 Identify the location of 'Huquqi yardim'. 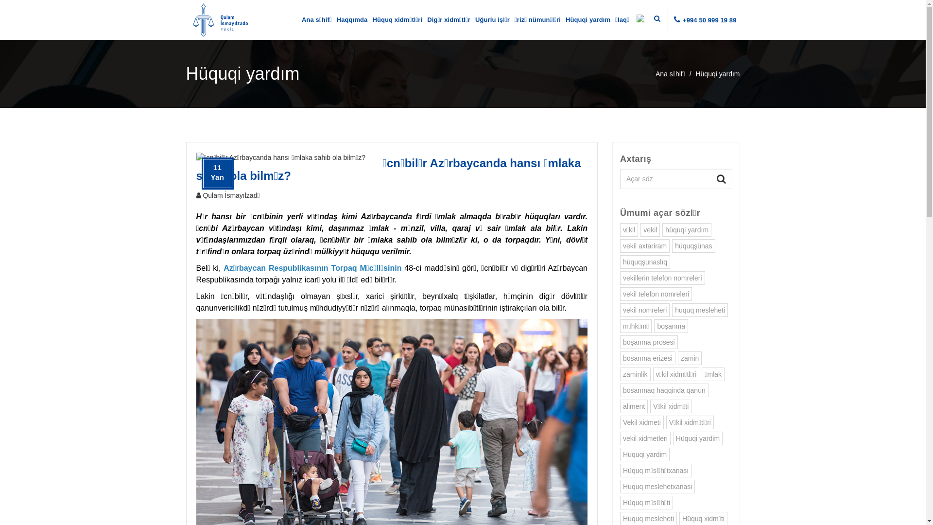
(644, 454).